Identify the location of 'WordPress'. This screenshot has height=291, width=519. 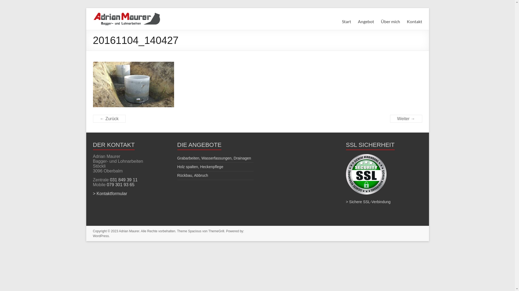
(101, 235).